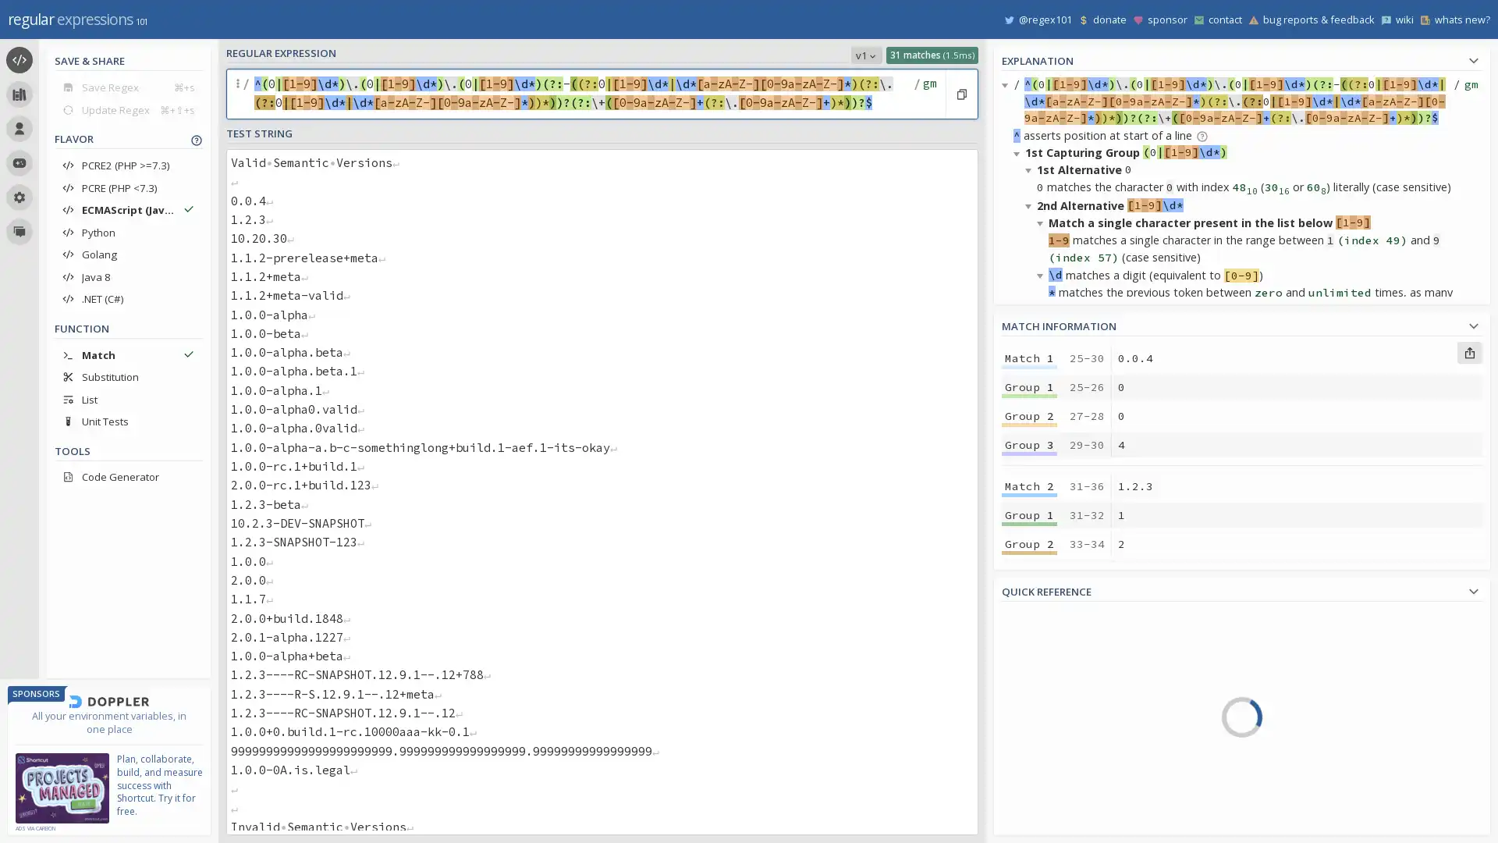 This screenshot has height=843, width=1498. Describe the element at coordinates (1042, 222) in the screenshot. I see `Collapse Subtree` at that location.